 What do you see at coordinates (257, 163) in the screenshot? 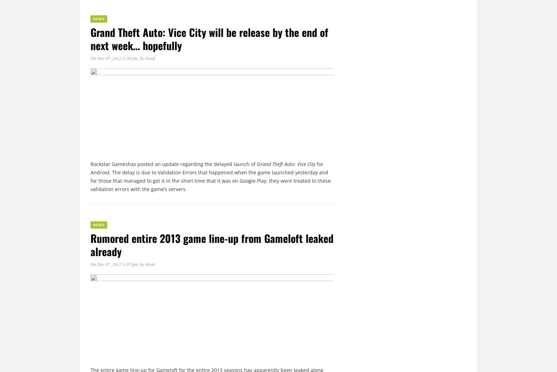
I see `'Grand Theft Auto: Vice City'` at bounding box center [257, 163].